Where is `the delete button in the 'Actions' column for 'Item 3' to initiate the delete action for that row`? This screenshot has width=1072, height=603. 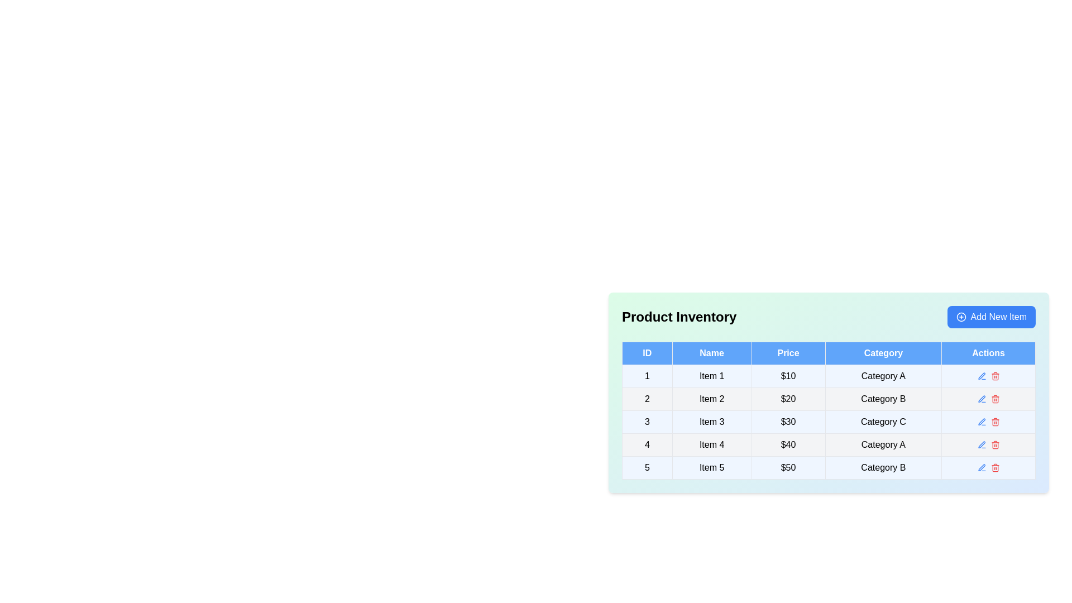 the delete button in the 'Actions' column for 'Item 3' to initiate the delete action for that row is located at coordinates (995, 422).